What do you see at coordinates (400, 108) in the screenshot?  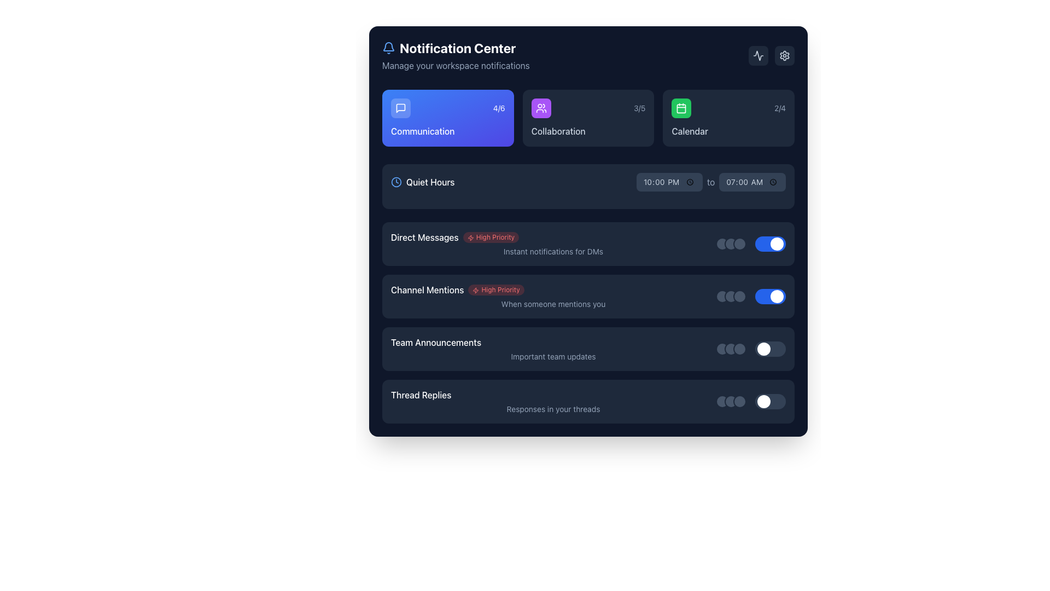 I see `the 'Communication' category icon located in the upper part of the interface, which is visually represented within a rounded blue rectangular section` at bounding box center [400, 108].